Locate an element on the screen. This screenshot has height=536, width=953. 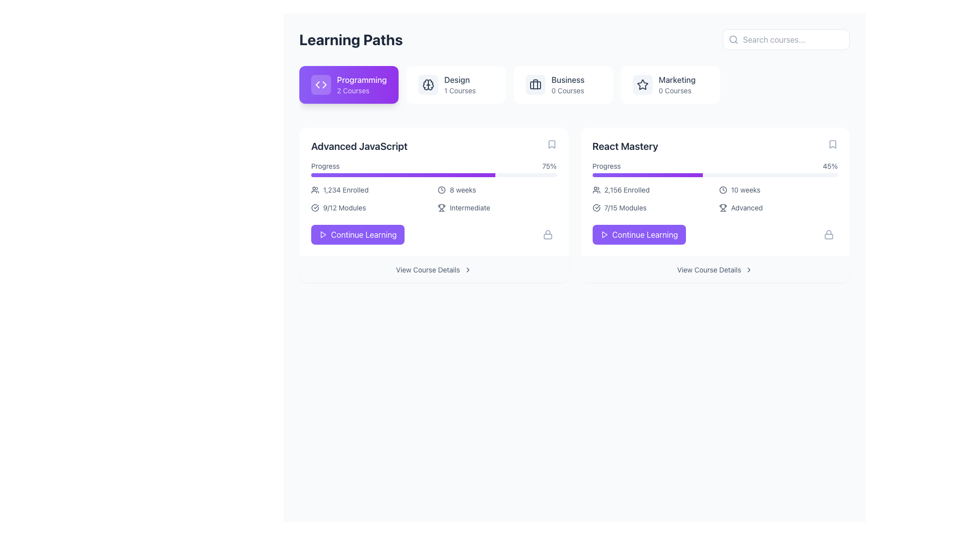
the 'Resume Learning' button for keyboard interaction is located at coordinates (357, 235).